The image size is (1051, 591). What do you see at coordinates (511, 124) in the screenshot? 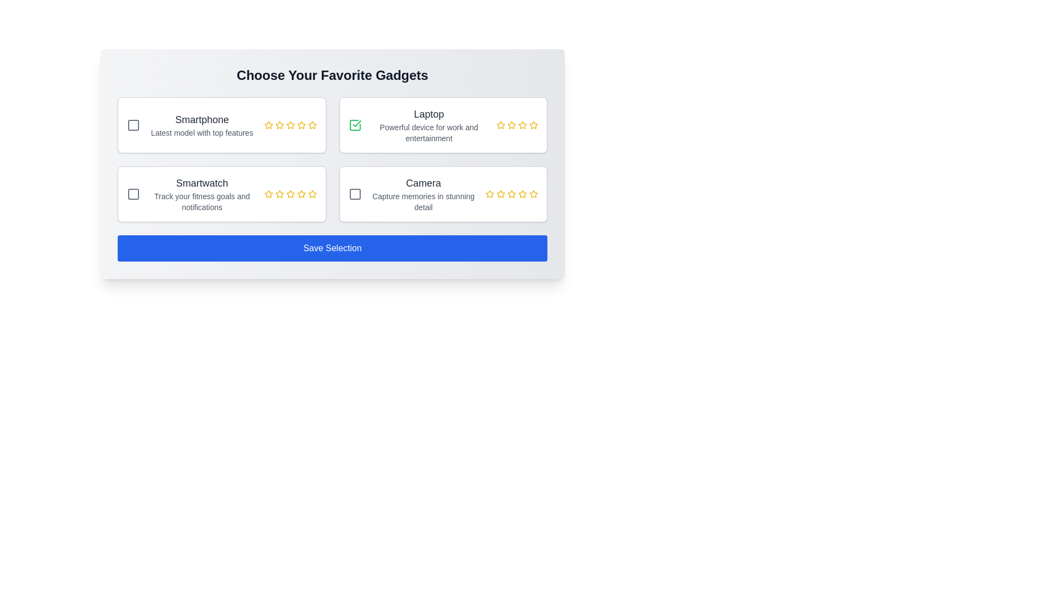
I see `third star icon in the rating component for the 'Laptop' option, located in the top-right section of the interface` at bounding box center [511, 124].